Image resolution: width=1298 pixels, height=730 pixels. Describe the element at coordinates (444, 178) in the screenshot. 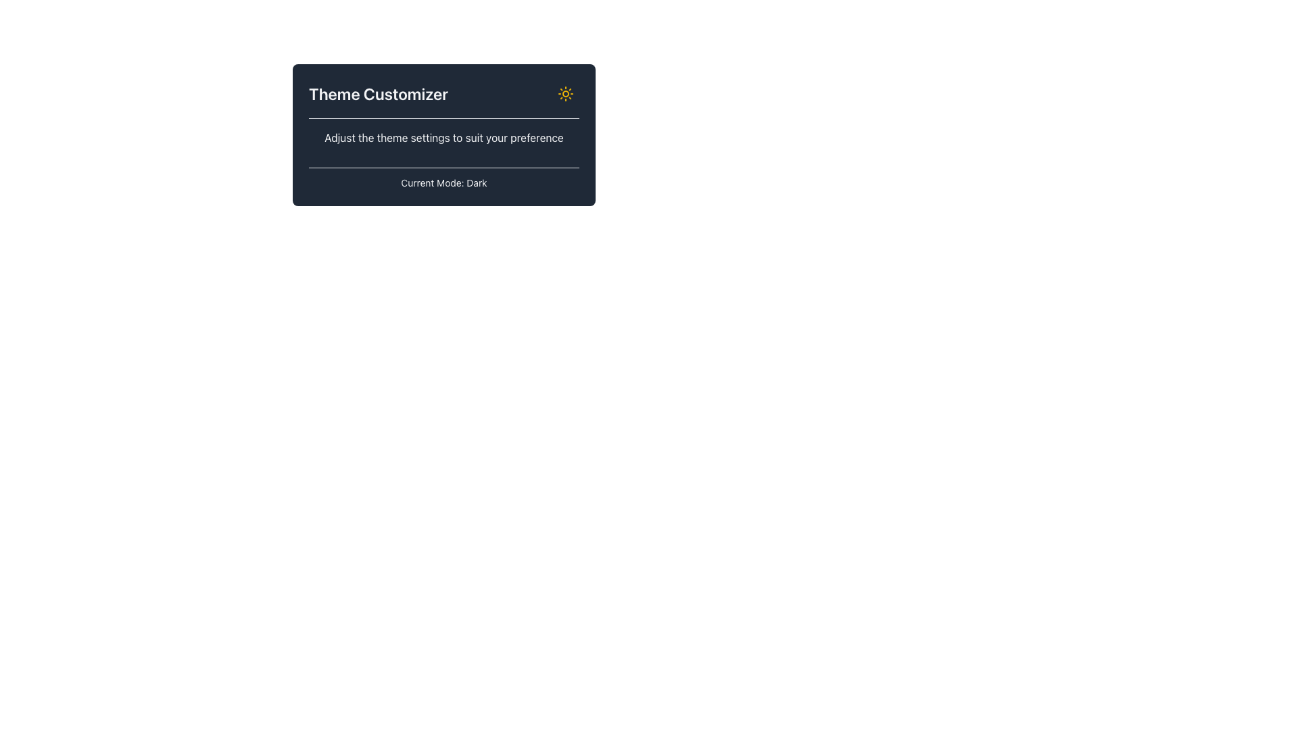

I see `the text label that says 'Current Mode: Dark', which is located at the bottom of the 'Theme Customizer' card interface` at that location.